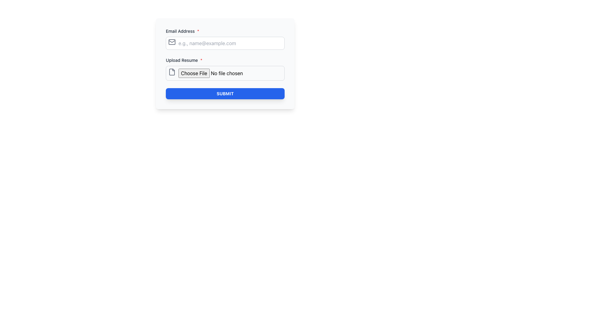 The width and height of the screenshot is (594, 334). Describe the element at coordinates (201, 60) in the screenshot. I see `the mandatory field marker indicator for the 'Upload Resume' field, which is positioned to the immediate right of the label text` at that location.